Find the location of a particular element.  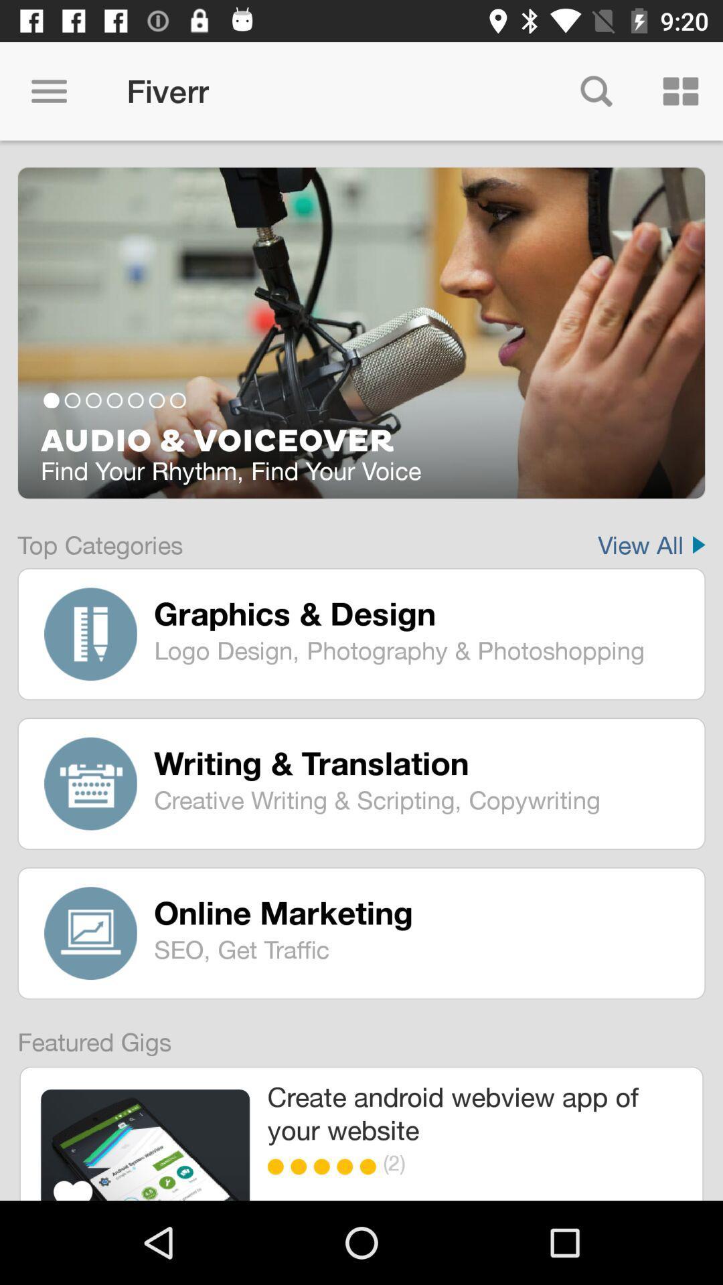

the item below the online marketing icon is located at coordinates (419, 948).